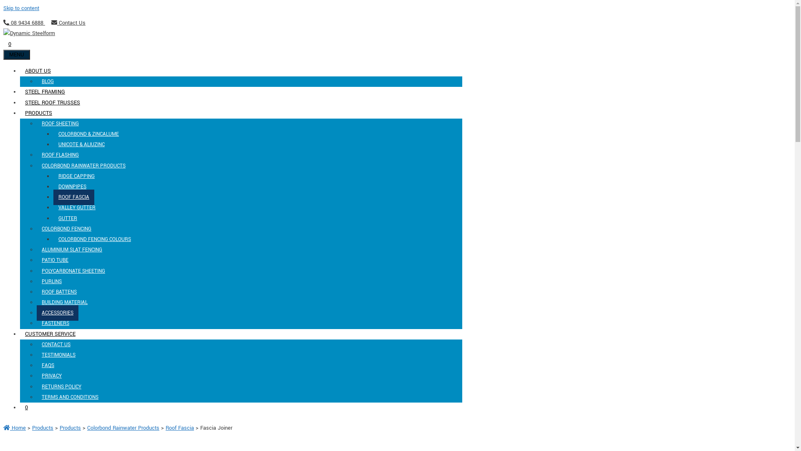 This screenshot has width=801, height=451. Describe the element at coordinates (60, 155) in the screenshot. I see `'ROOF FLASHING'` at that location.